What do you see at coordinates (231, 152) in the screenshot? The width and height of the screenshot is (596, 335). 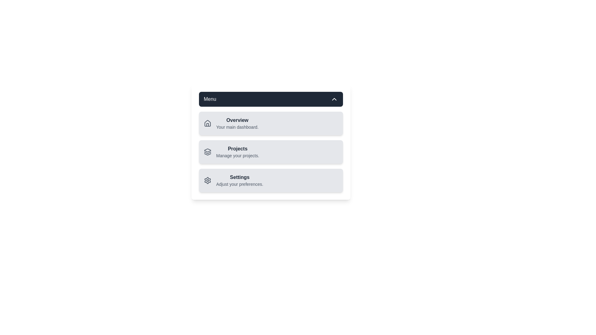 I see `the menu item Projects from the list` at bounding box center [231, 152].